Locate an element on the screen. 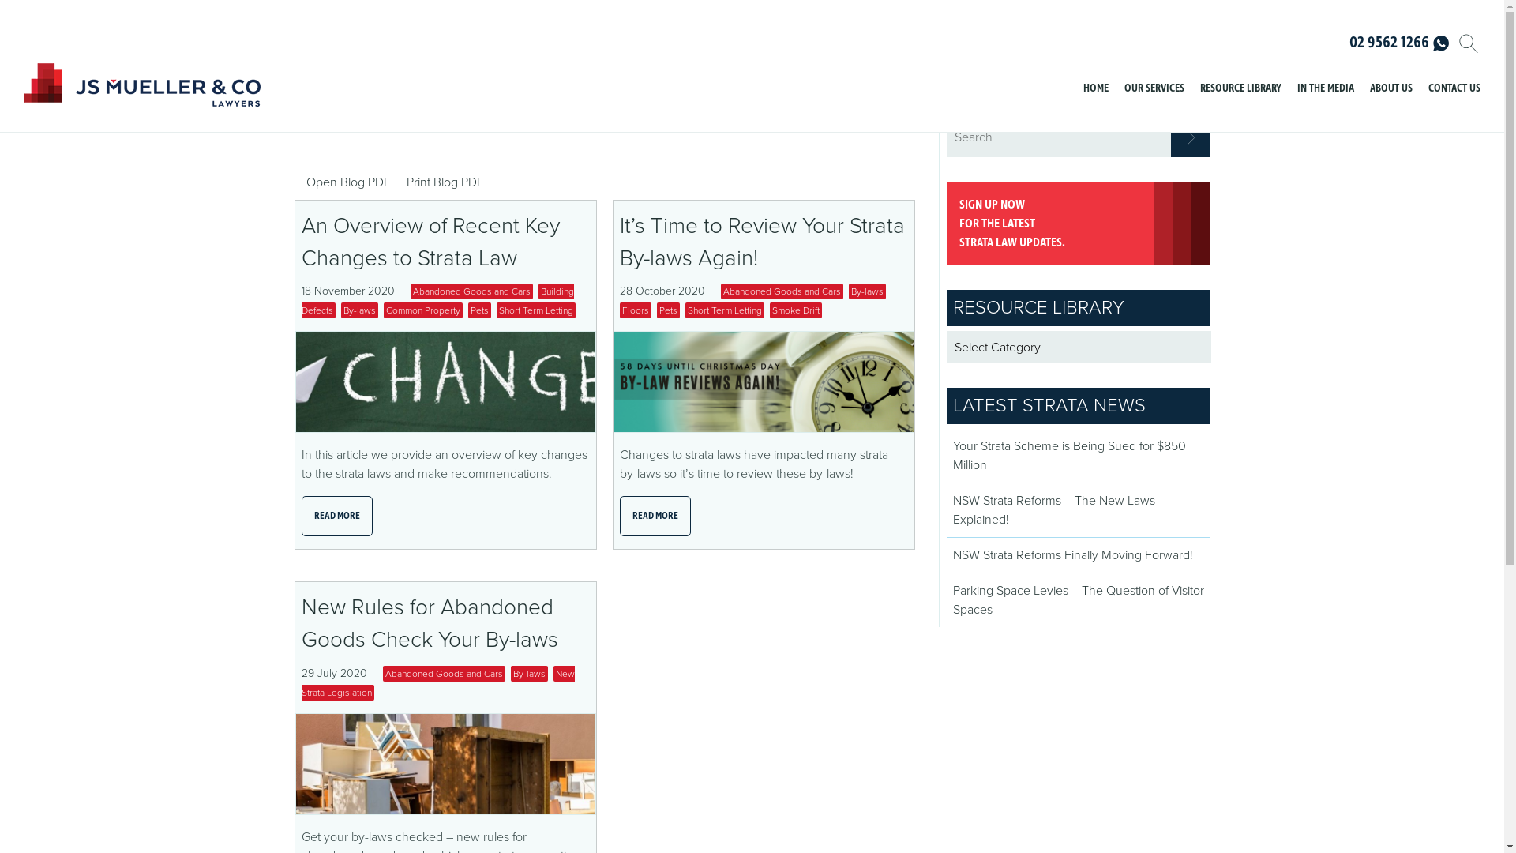 Image resolution: width=1516 pixels, height=853 pixels. 'SIGN UP NOW is located at coordinates (1076, 223).